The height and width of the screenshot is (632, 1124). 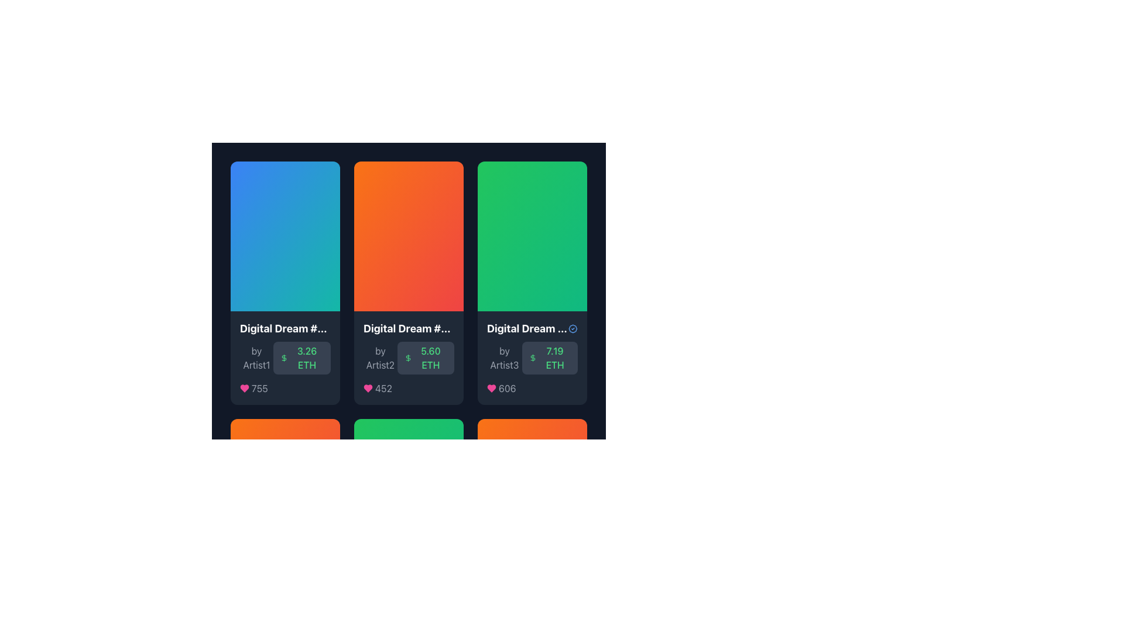 I want to click on the 'like' icon located below the second card in the grid, so click(x=492, y=388).